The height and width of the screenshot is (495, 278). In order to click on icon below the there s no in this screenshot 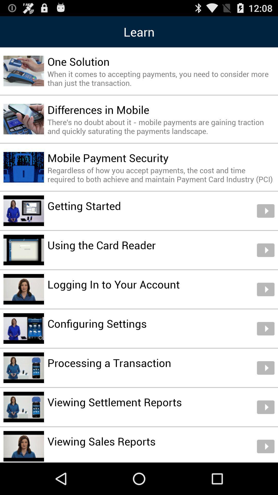, I will do `click(108, 158)`.